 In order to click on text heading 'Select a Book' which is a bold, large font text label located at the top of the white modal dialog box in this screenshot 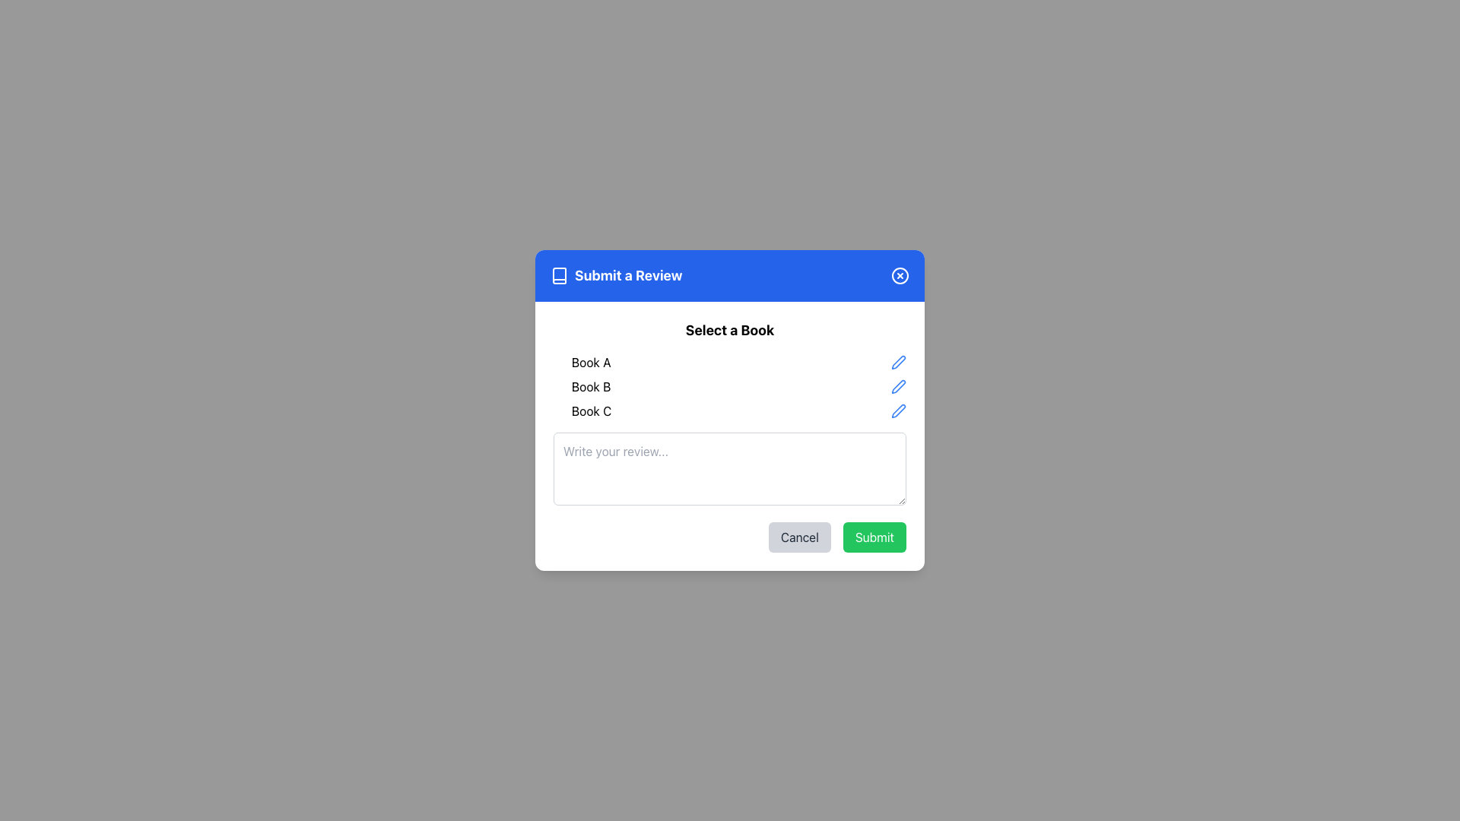, I will do `click(730, 330)`.